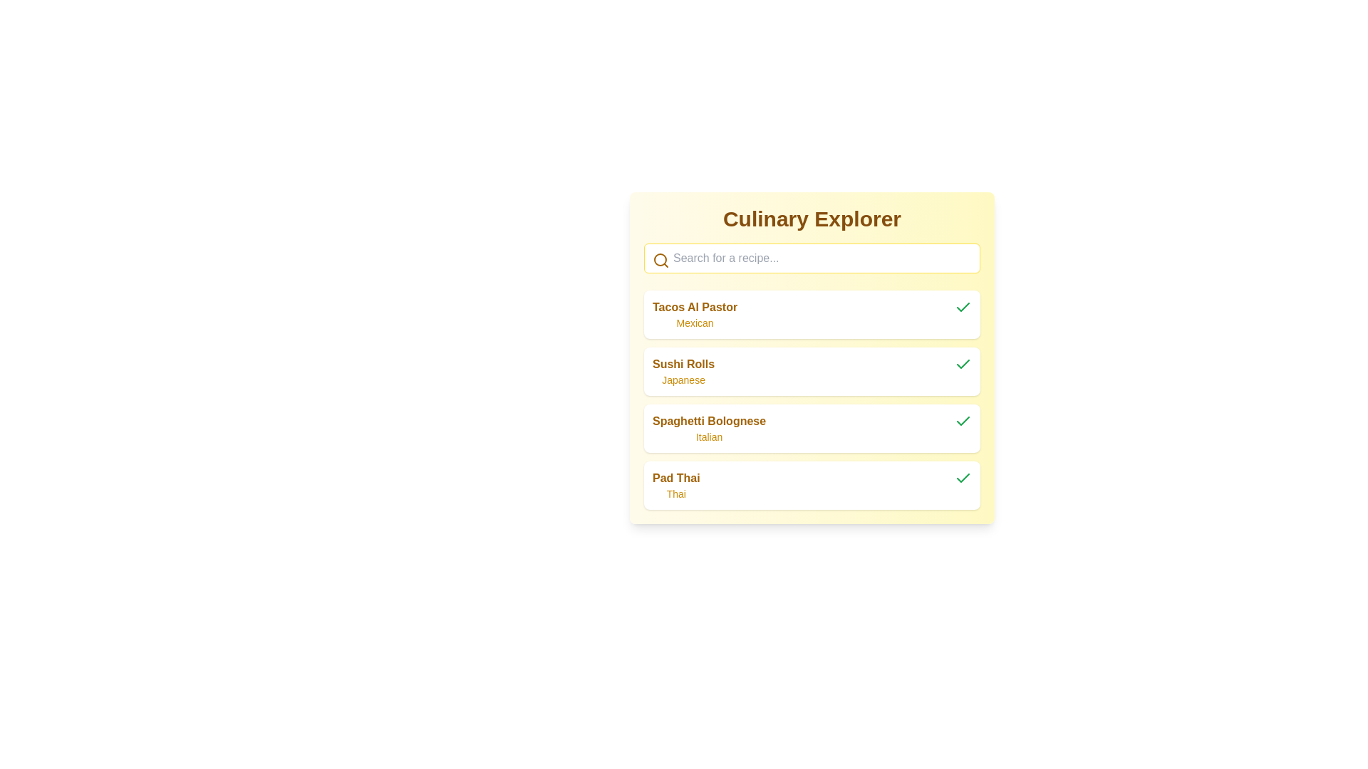  I want to click on the green checkmark icon located at the right end of the 'Sushi Rolls' list item, so click(963, 363).